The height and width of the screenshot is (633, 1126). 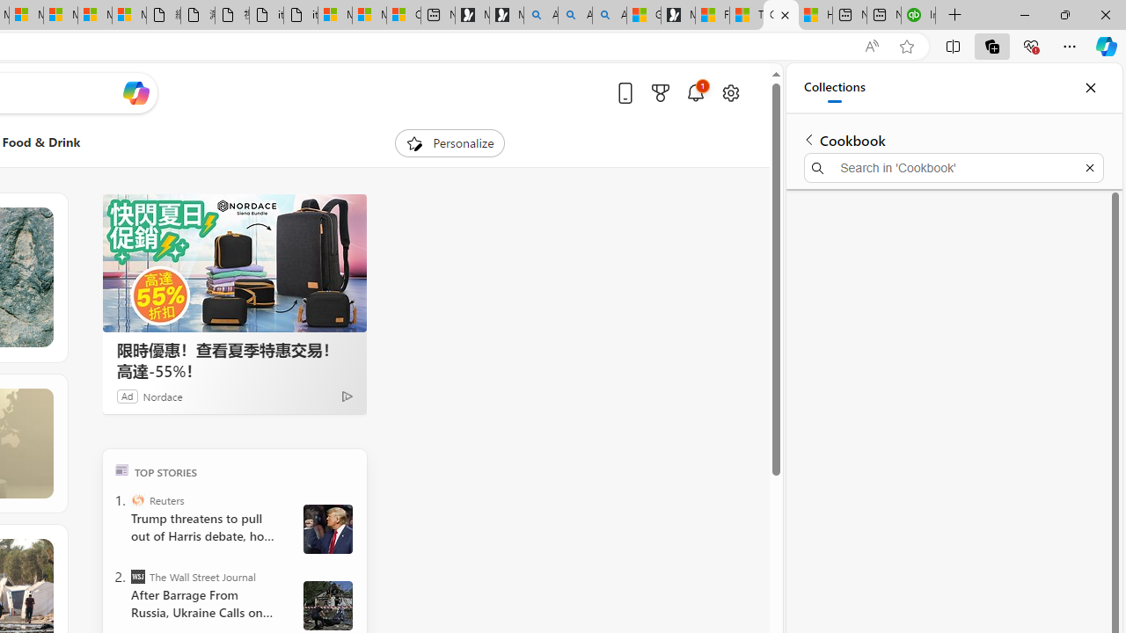 What do you see at coordinates (918, 15) in the screenshot?
I see `'Intuit QuickBooks Online - Quickbooks'` at bounding box center [918, 15].